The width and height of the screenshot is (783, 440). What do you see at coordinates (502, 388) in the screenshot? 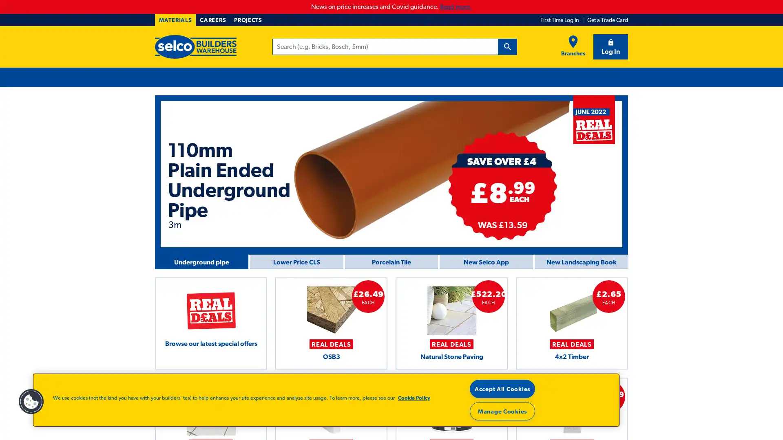
I see `Accept All Cookies` at bounding box center [502, 388].